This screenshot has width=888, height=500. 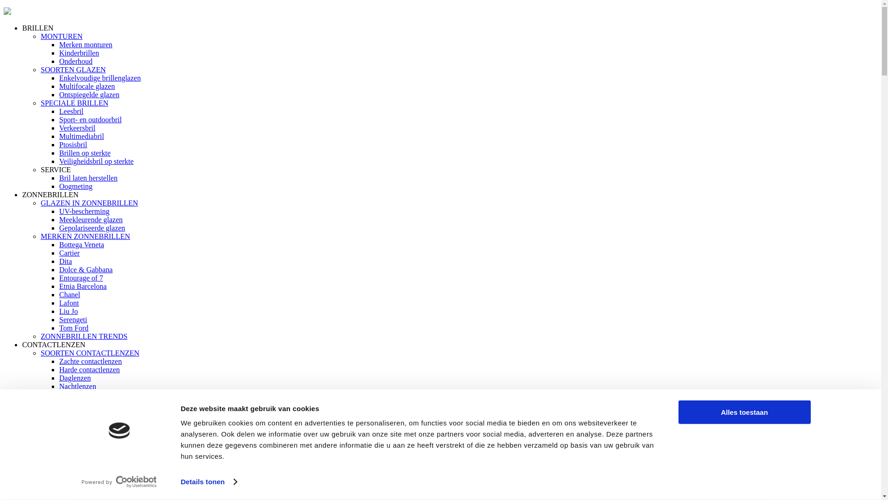 What do you see at coordinates (59, 303) in the screenshot?
I see `'Lafont'` at bounding box center [59, 303].